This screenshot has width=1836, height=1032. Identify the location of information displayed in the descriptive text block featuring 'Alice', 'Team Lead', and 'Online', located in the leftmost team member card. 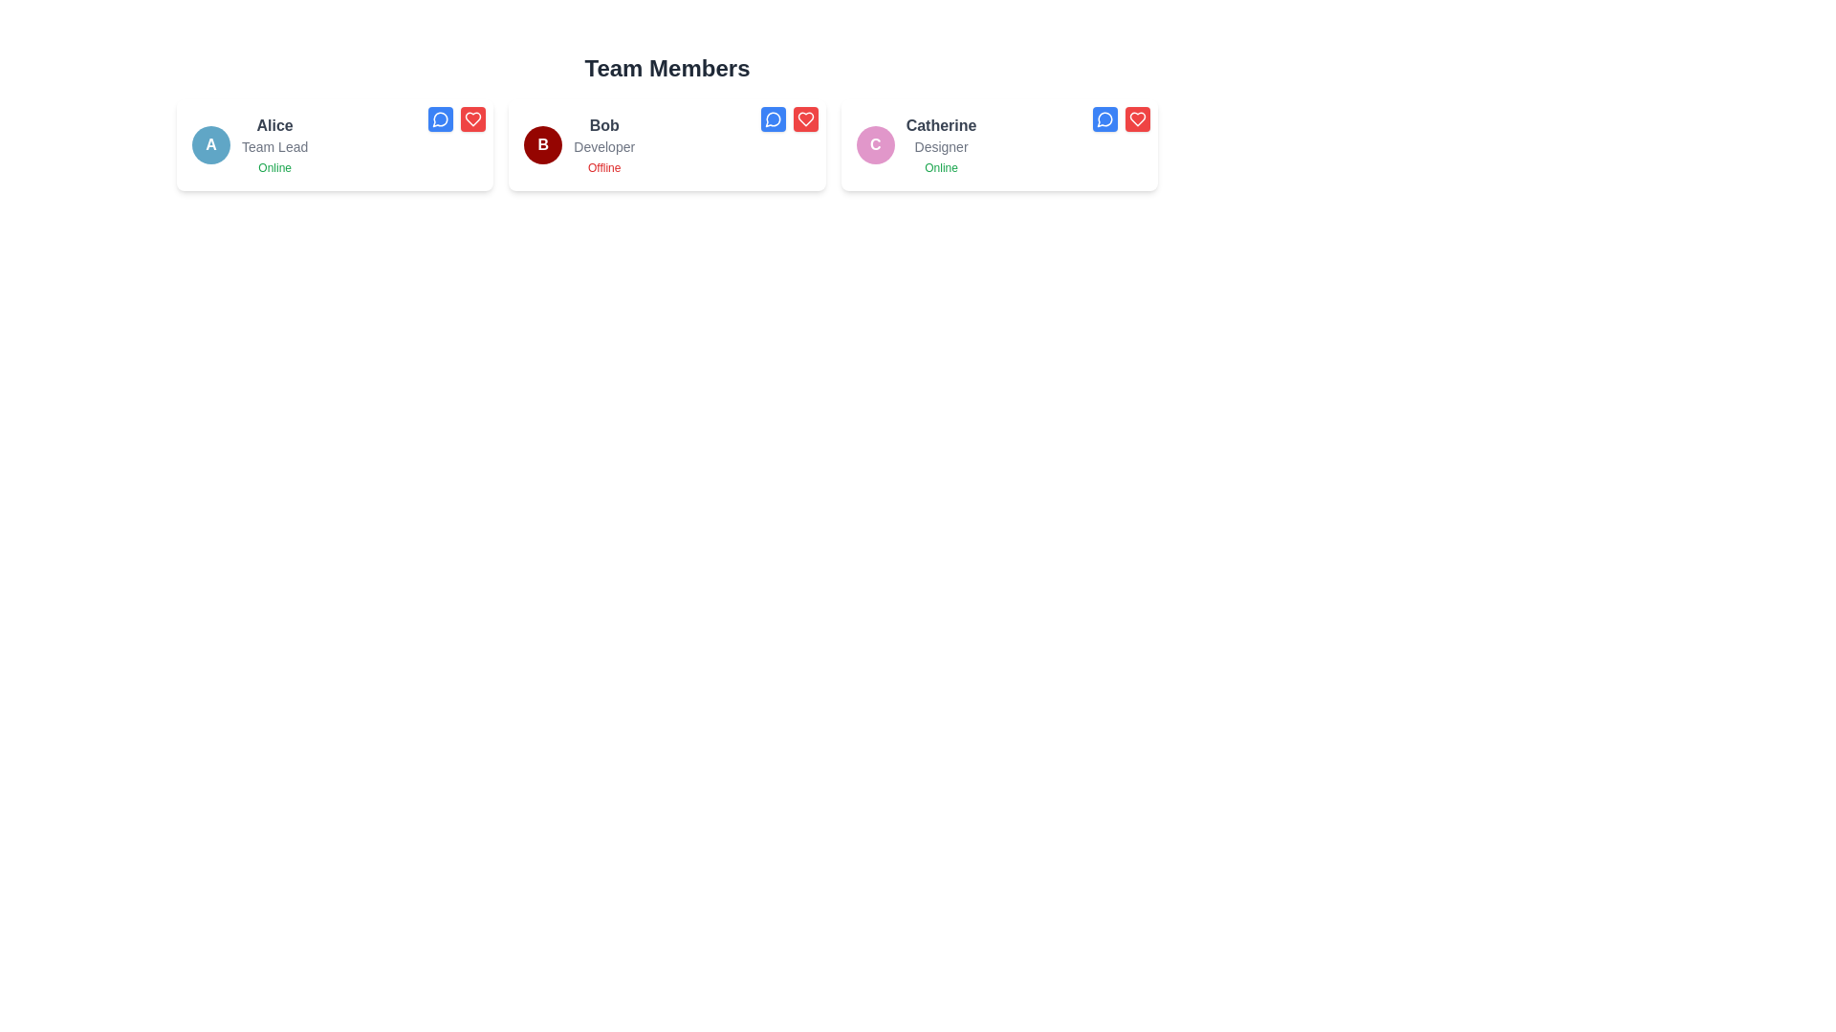
(273, 143).